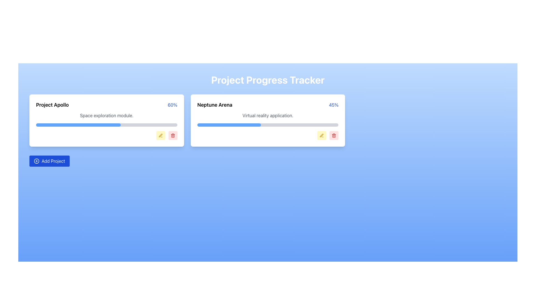 The width and height of the screenshot is (533, 300). I want to click on the horizontal progress bar with a gray background and blue filled segment, located within the 'Neptune Arena' project card, positioned below the title and description, so click(268, 125).